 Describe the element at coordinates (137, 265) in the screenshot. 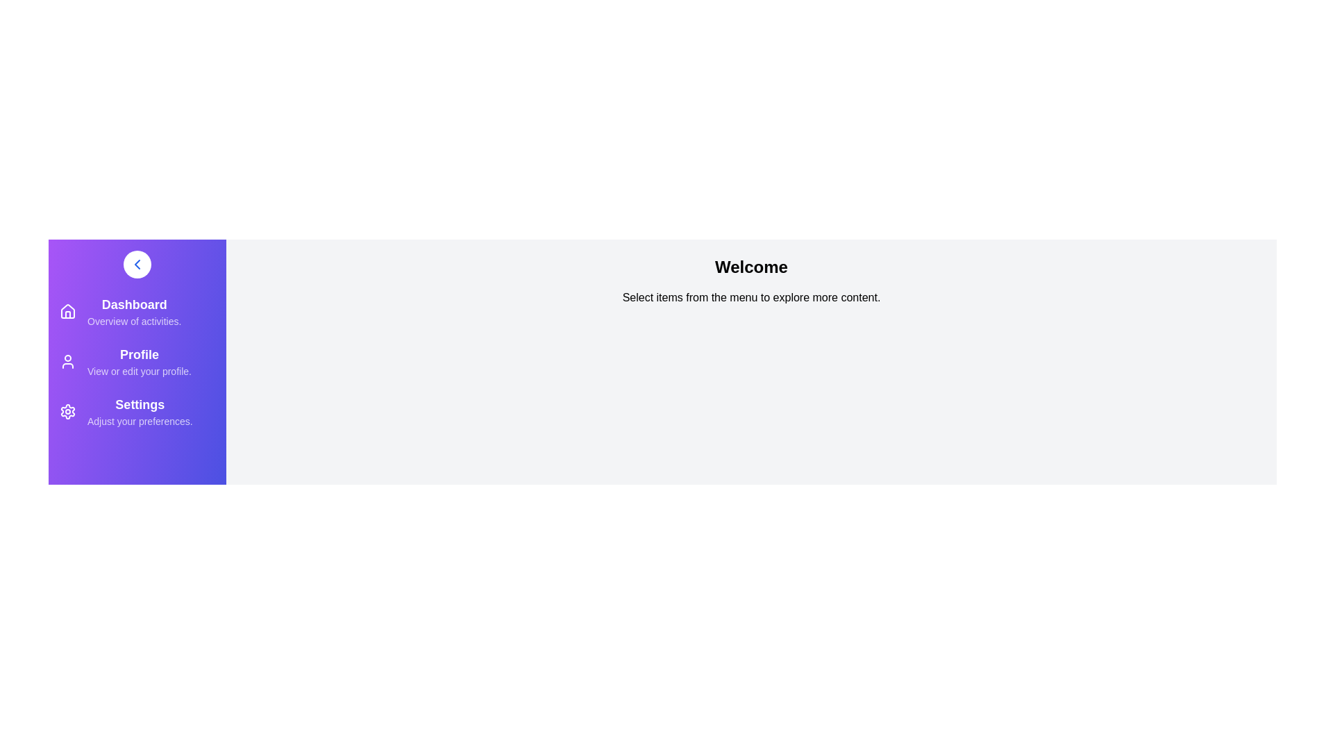

I see `toggle button to change the sidebar's state` at that location.